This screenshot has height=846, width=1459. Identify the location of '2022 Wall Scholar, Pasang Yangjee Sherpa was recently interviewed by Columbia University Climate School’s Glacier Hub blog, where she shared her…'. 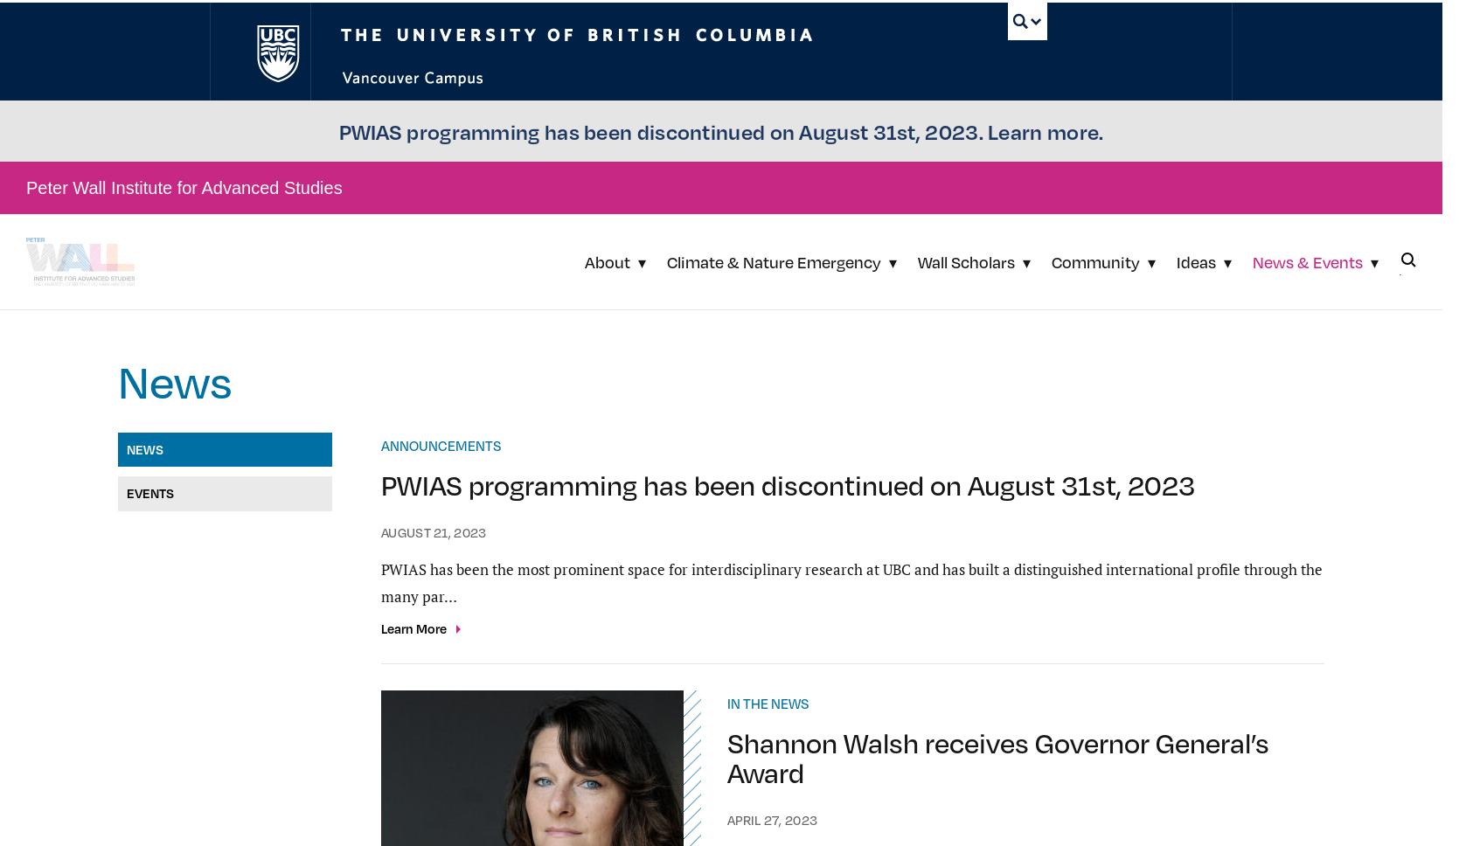
(994, 630).